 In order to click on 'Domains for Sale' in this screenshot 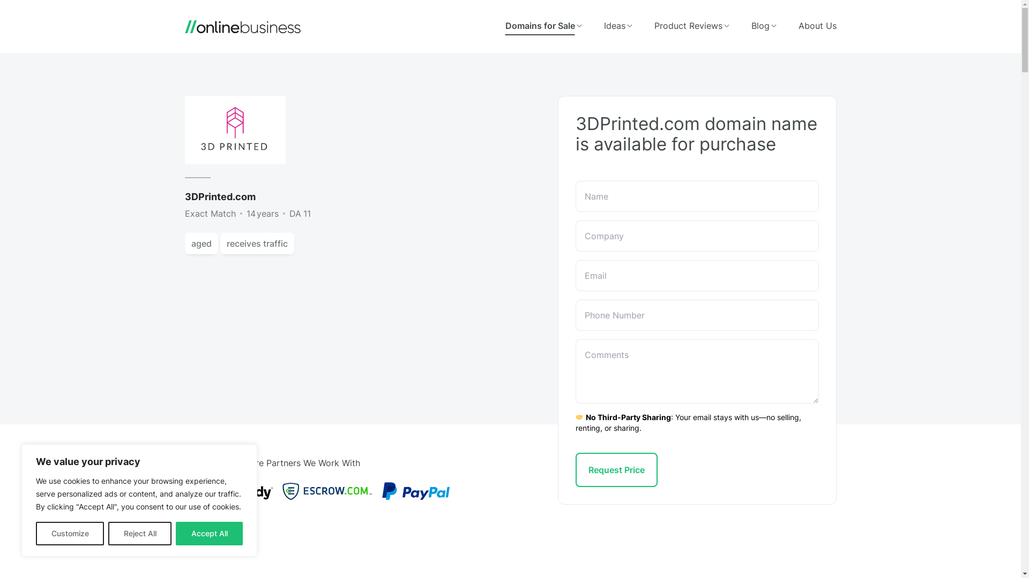, I will do `click(543, 26)`.